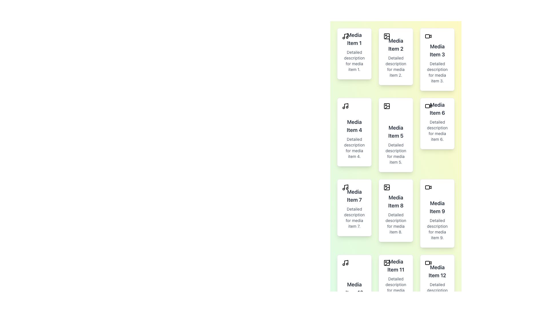 This screenshot has height=309, width=549. I want to click on the vertical line of the musical note icon located at the top-left corner of the card labeled 'Media Item 7', so click(346, 187).